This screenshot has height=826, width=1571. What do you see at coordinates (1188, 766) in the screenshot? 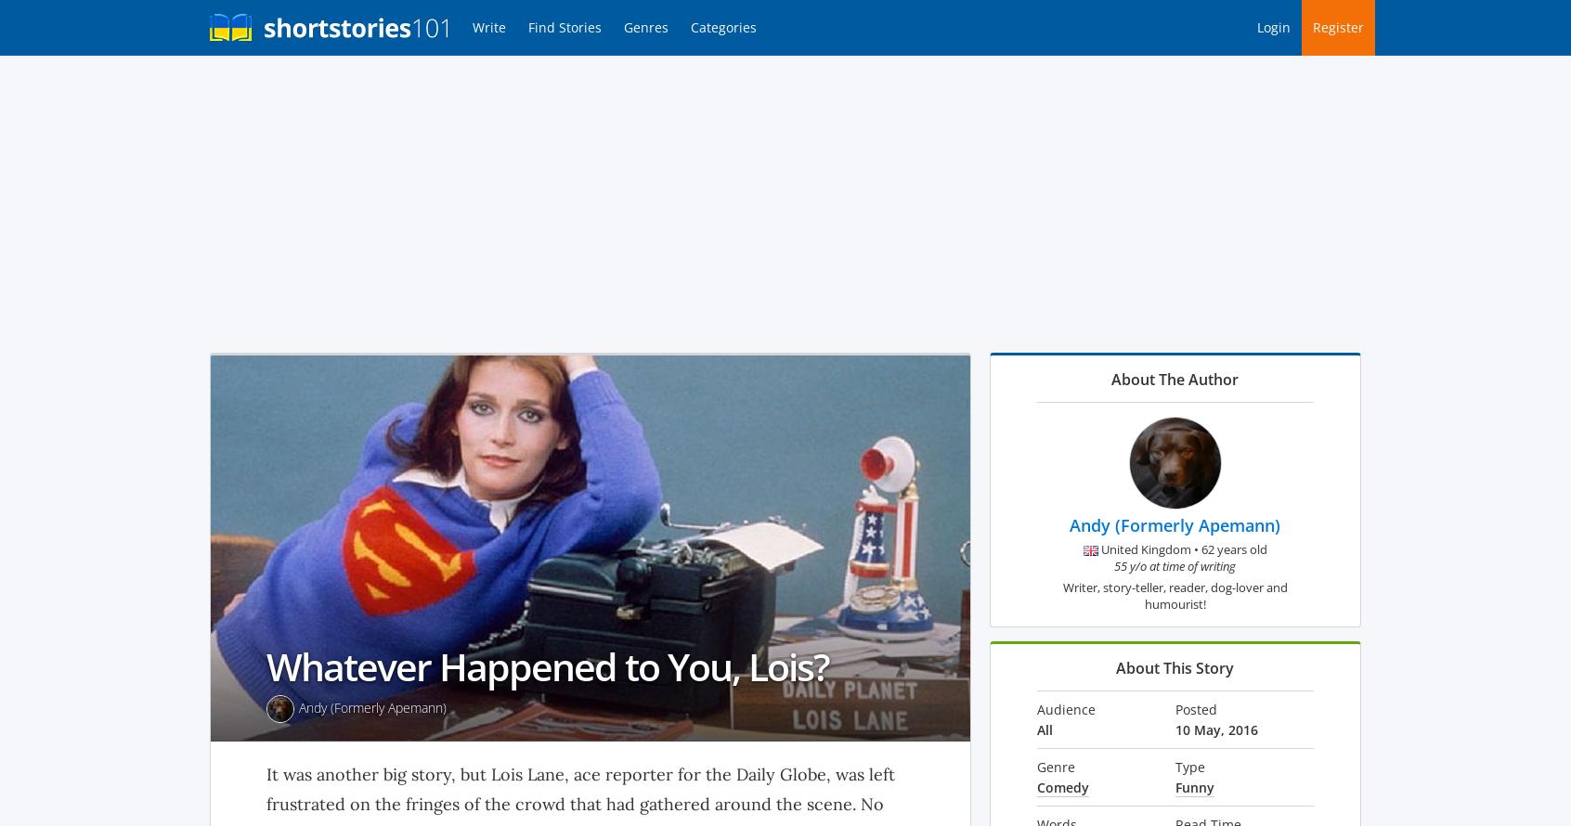
I see `'Type'` at bounding box center [1188, 766].